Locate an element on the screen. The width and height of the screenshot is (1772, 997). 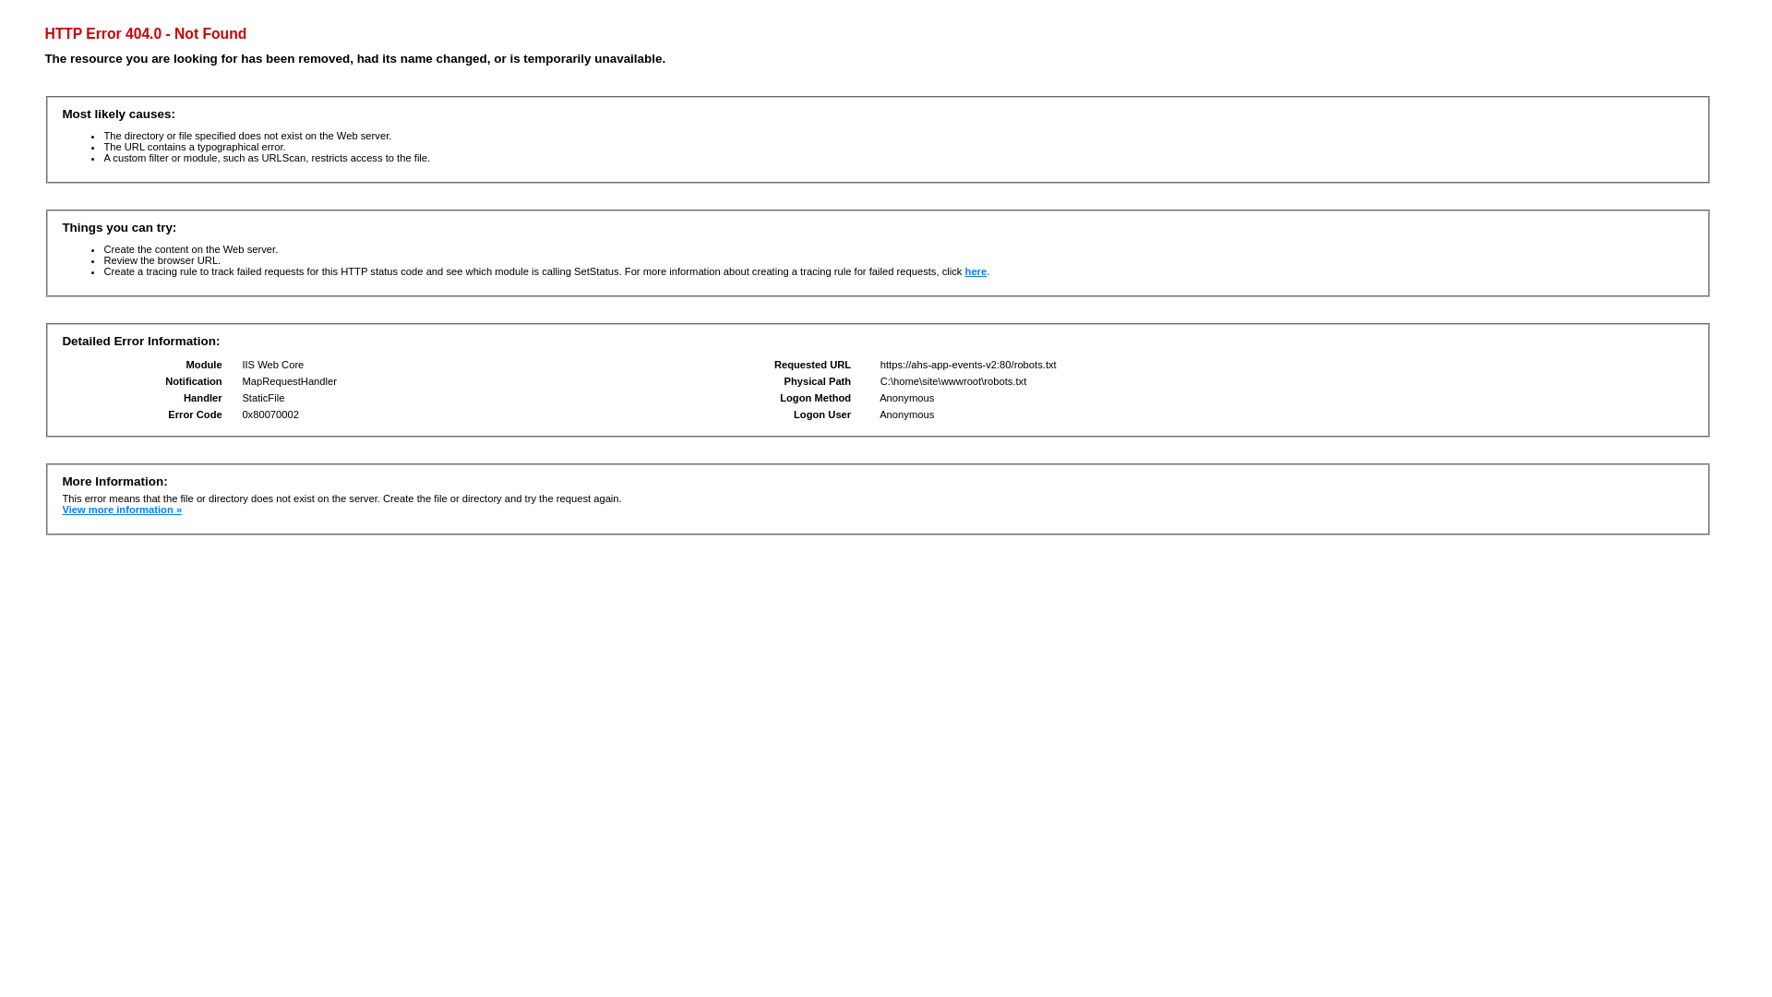
'here' is located at coordinates (975, 270).